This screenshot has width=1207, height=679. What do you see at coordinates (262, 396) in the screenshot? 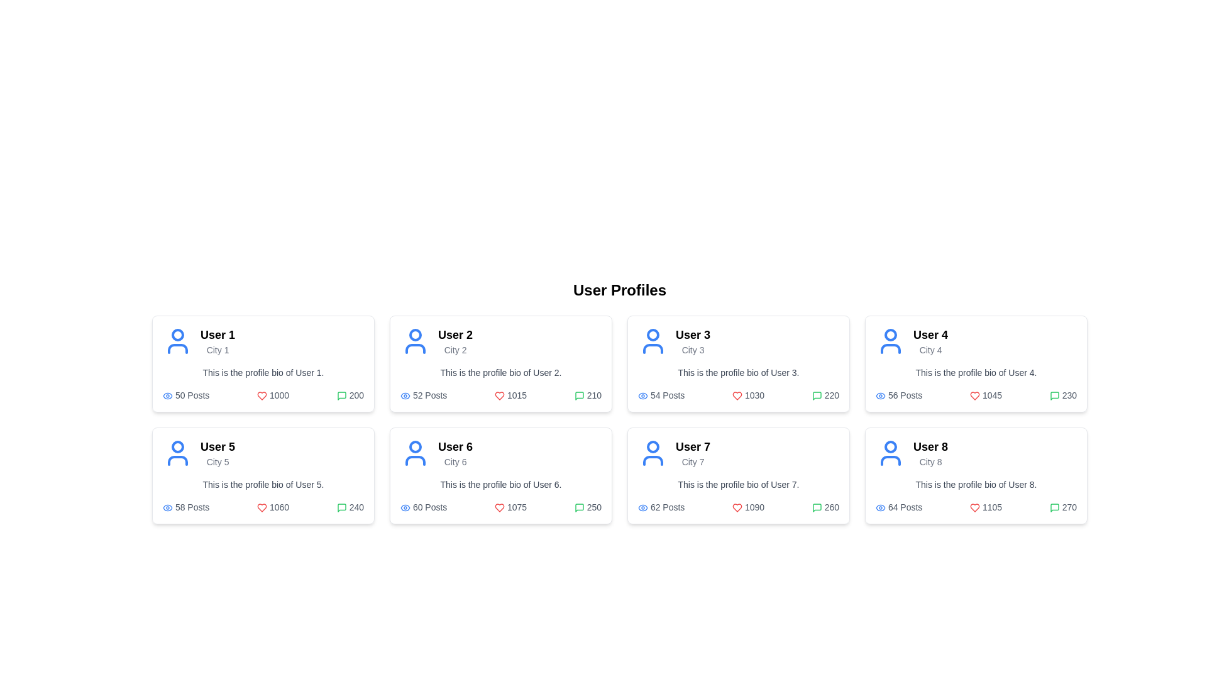
I see `the heart icon in the top-left corner of User 1's profile card, which symbolizes likes or favorites` at bounding box center [262, 396].